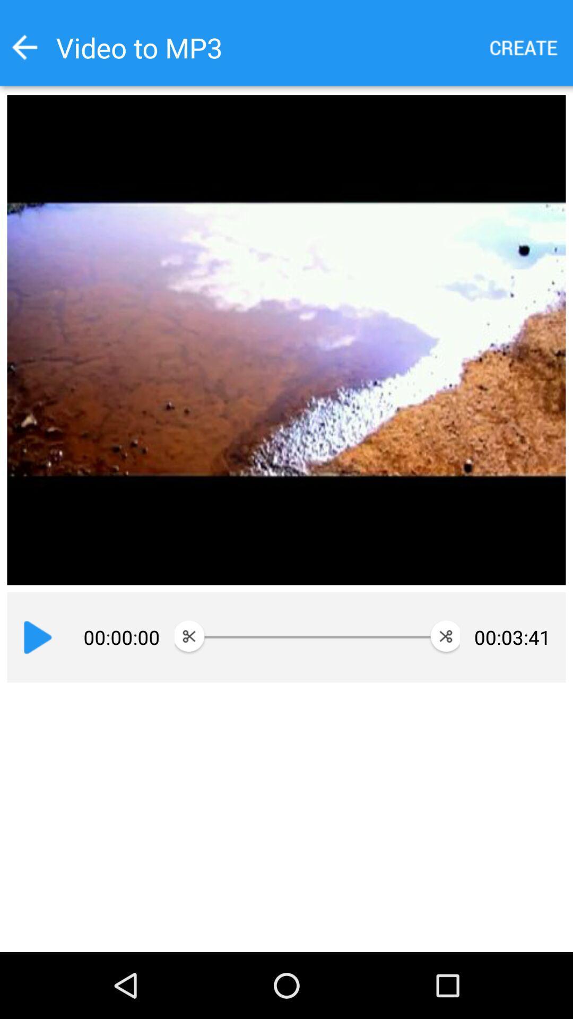 This screenshot has height=1019, width=573. Describe the element at coordinates (524, 47) in the screenshot. I see `create` at that location.